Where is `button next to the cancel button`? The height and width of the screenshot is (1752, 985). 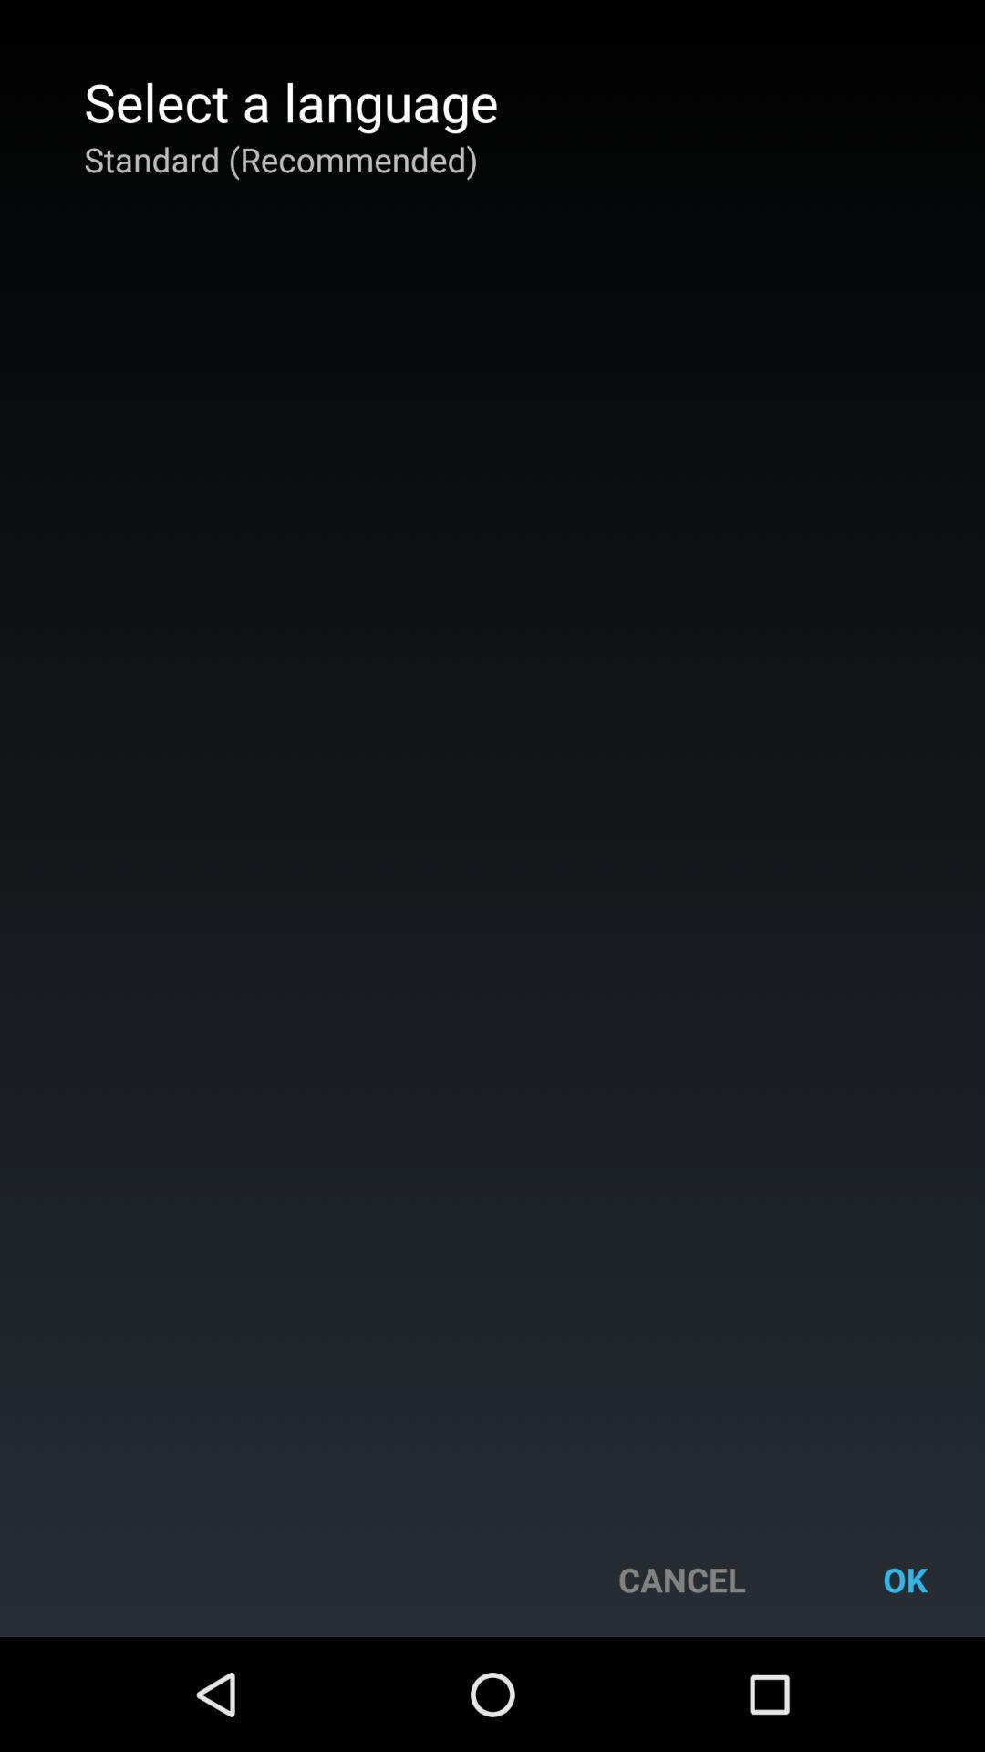
button next to the cancel button is located at coordinates (905, 1579).